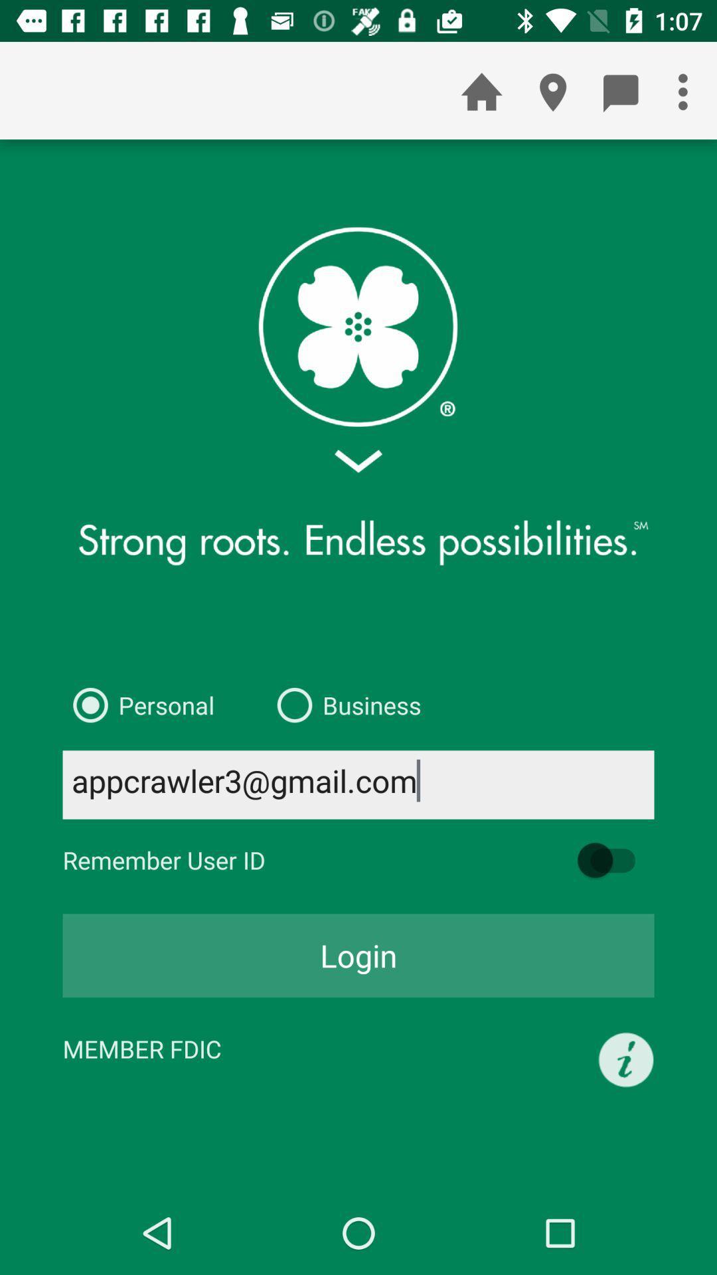 The height and width of the screenshot is (1275, 717). I want to click on the item below personal item, so click(358, 784).